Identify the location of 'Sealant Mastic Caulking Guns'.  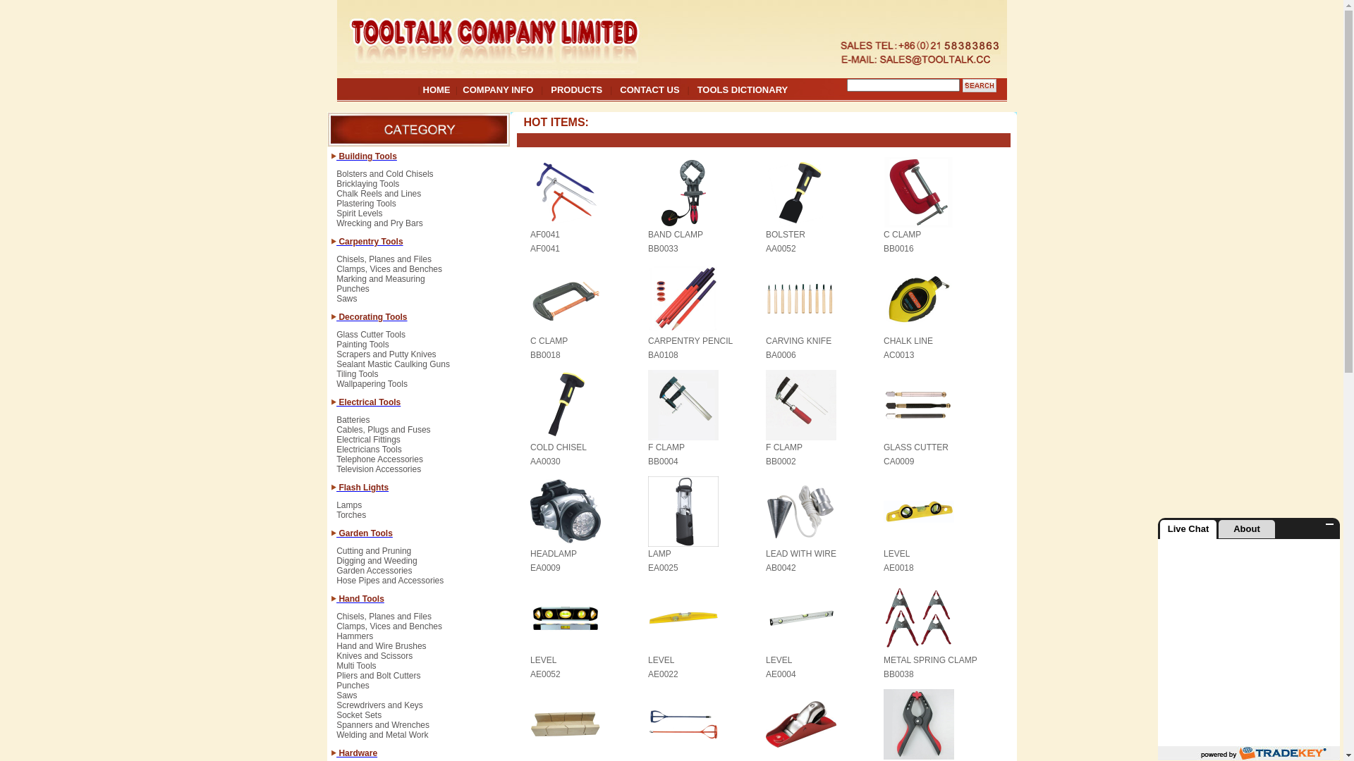
(393, 369).